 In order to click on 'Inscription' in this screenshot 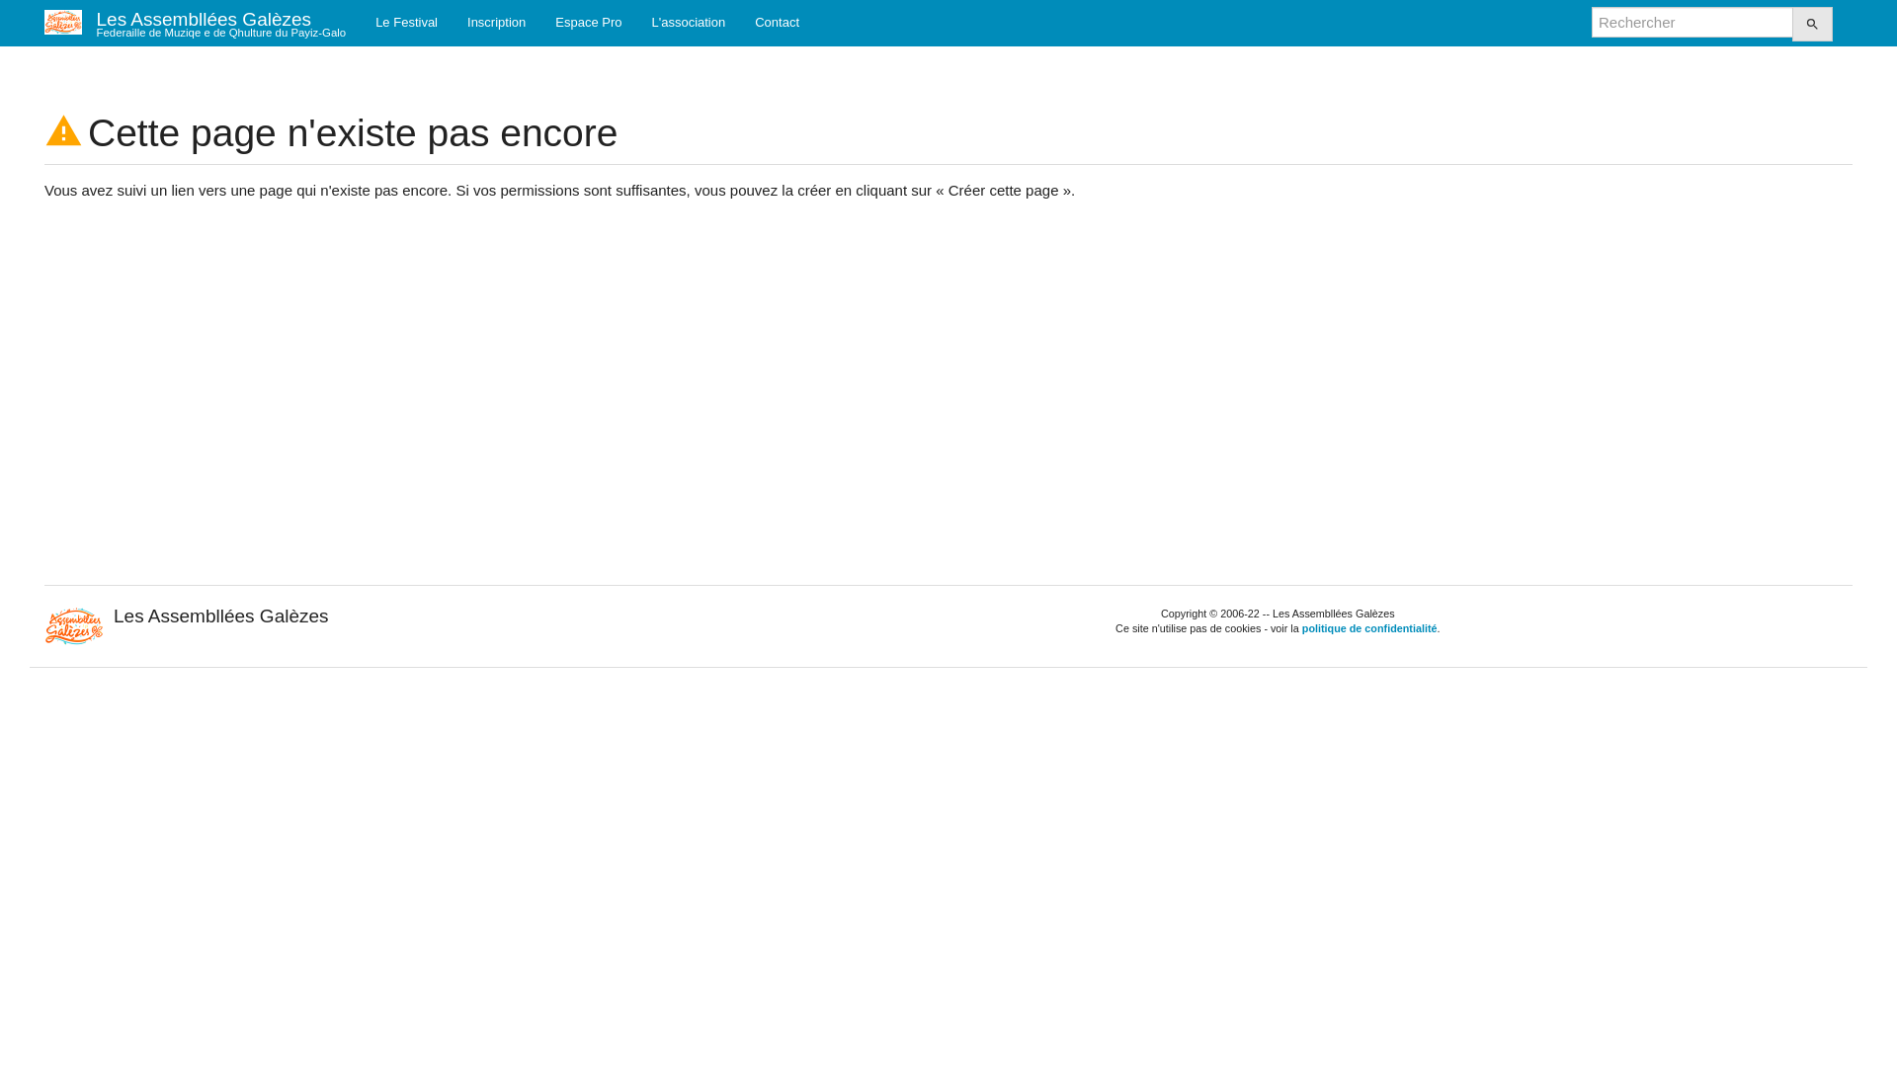, I will do `click(451, 22)`.